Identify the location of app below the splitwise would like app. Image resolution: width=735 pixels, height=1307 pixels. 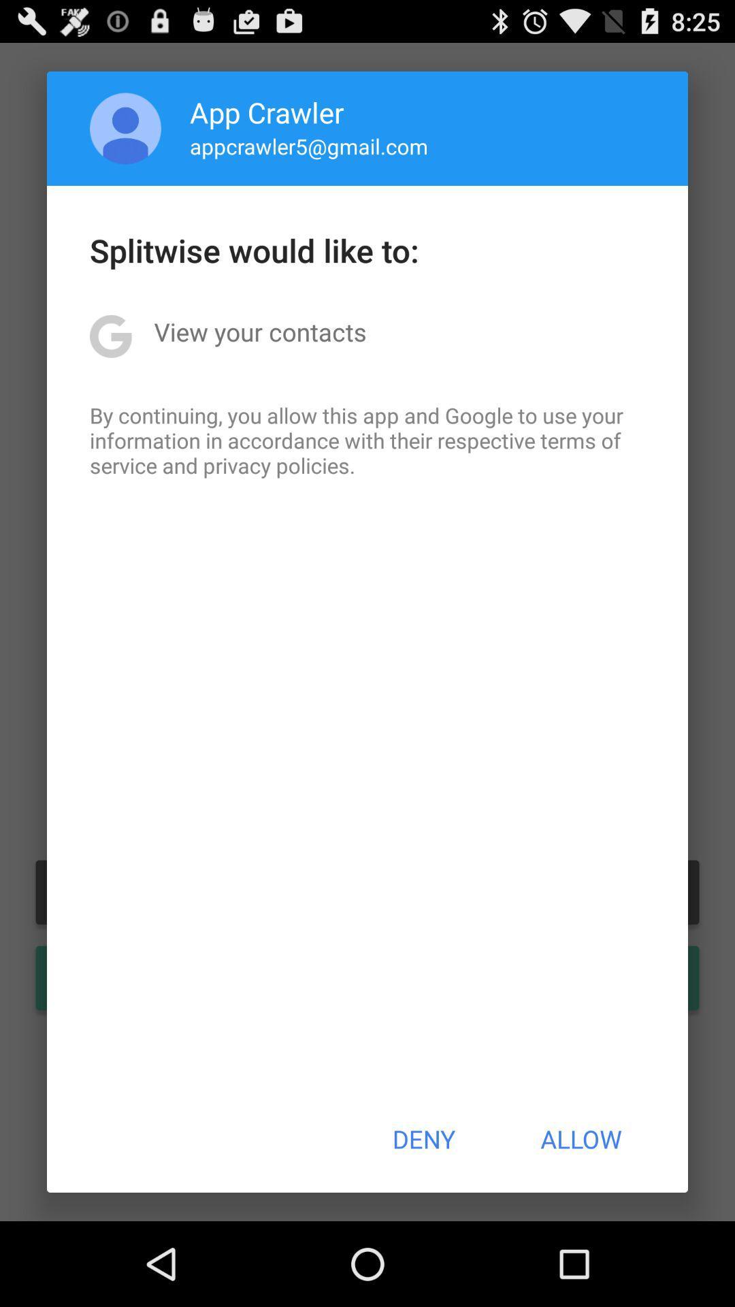
(260, 332).